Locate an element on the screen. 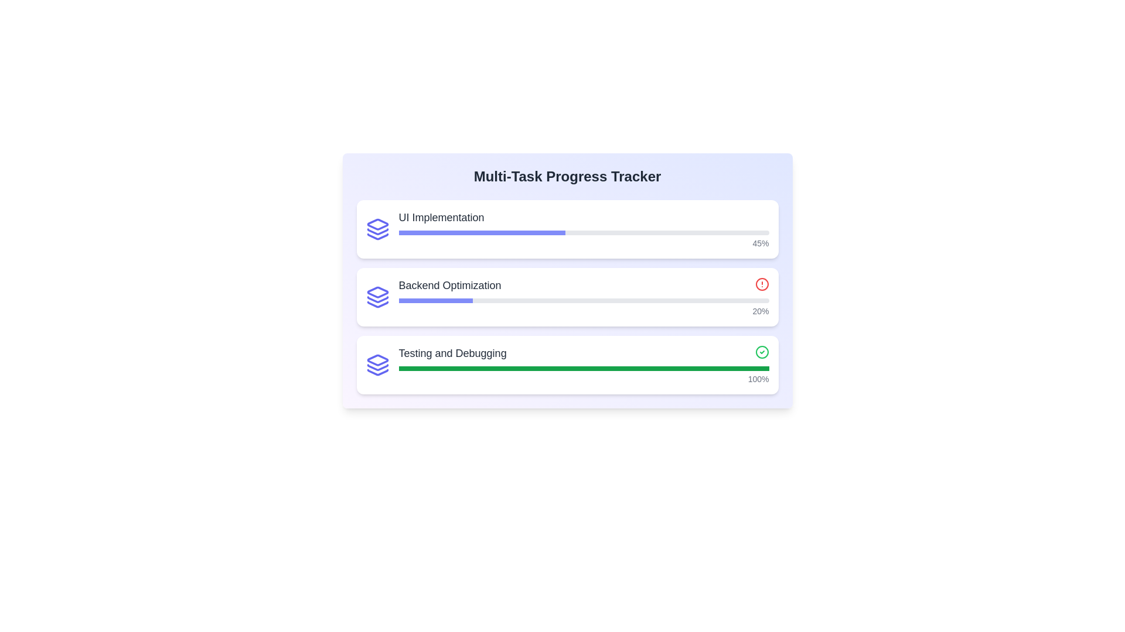  the indigo SVG icon representing three stacked layers, which is located to the left of the 'UI Implementation' text in the top card of the progress cards is located at coordinates (377, 229).